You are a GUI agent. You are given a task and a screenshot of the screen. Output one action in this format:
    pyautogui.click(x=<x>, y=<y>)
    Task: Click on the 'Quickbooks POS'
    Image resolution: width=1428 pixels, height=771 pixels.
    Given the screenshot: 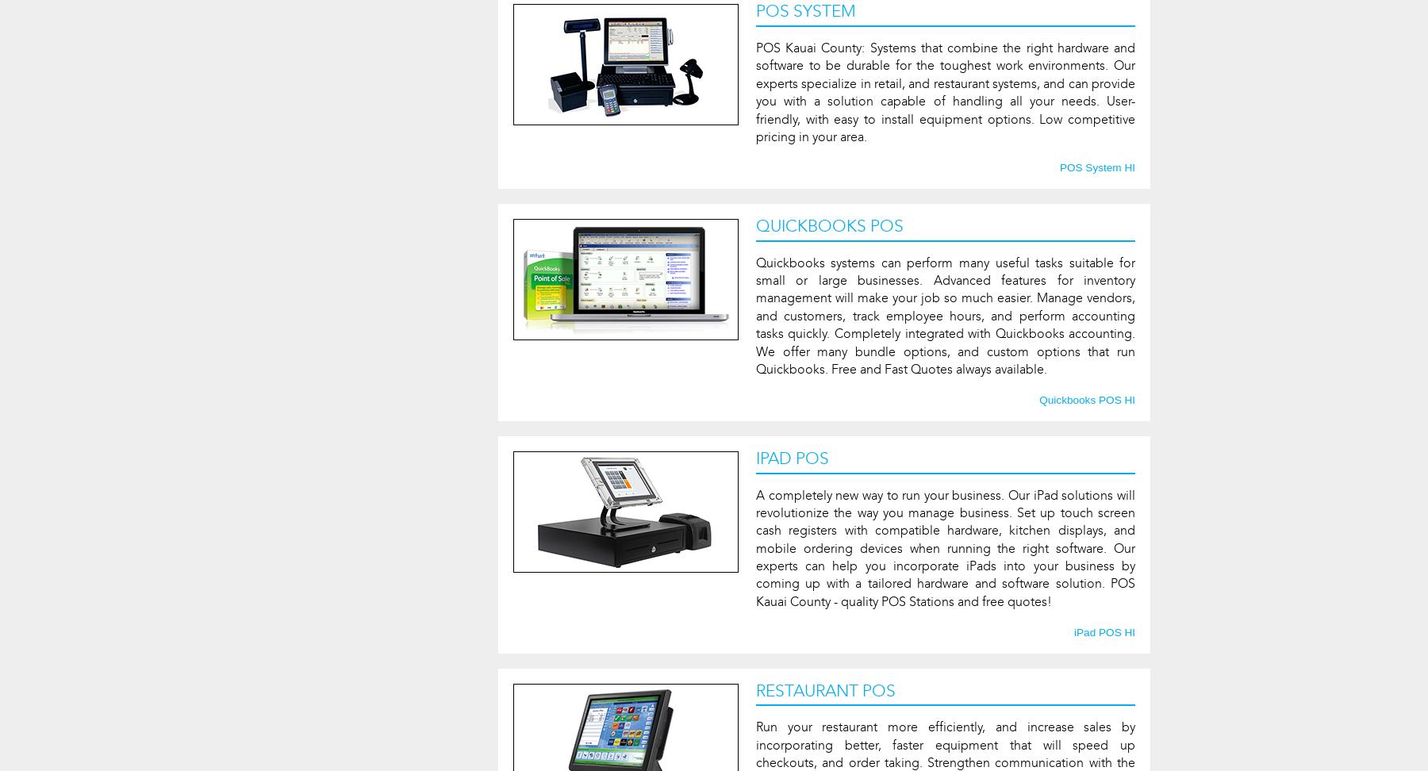 What is the action you would take?
    pyautogui.click(x=829, y=225)
    